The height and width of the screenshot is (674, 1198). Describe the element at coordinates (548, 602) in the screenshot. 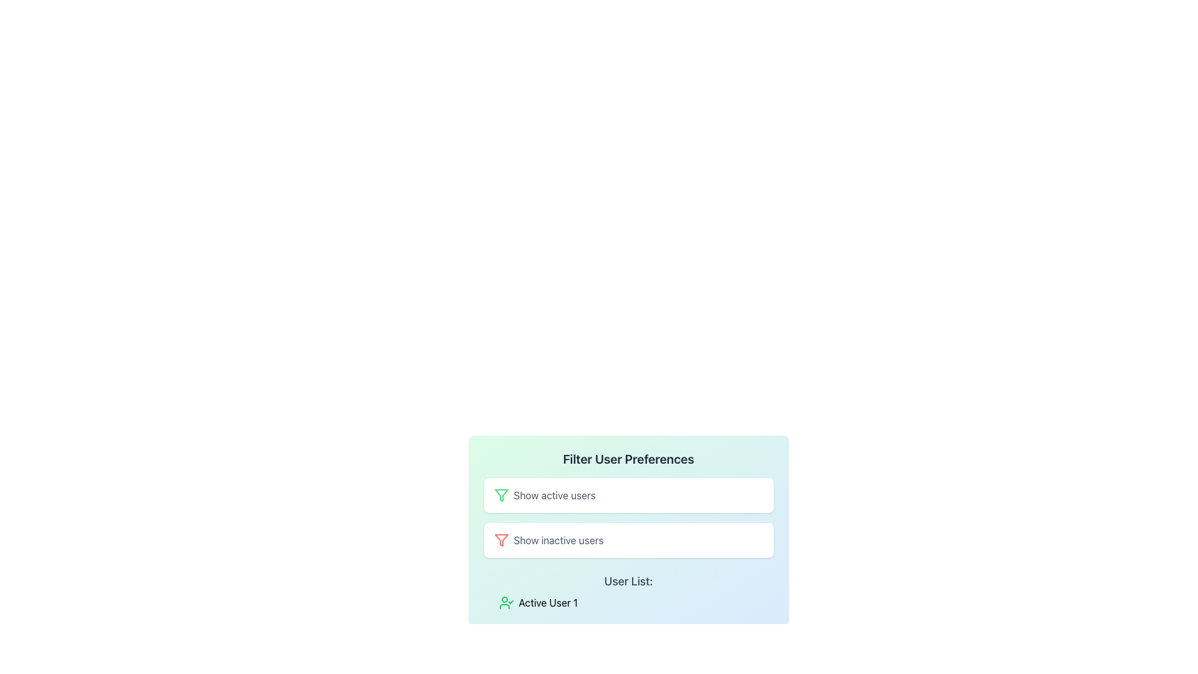

I see `the text label displaying 'Active User 1', which is in bold black font and positioned to the right of a user icon with a green checkmark under the 'User List' heading` at that location.